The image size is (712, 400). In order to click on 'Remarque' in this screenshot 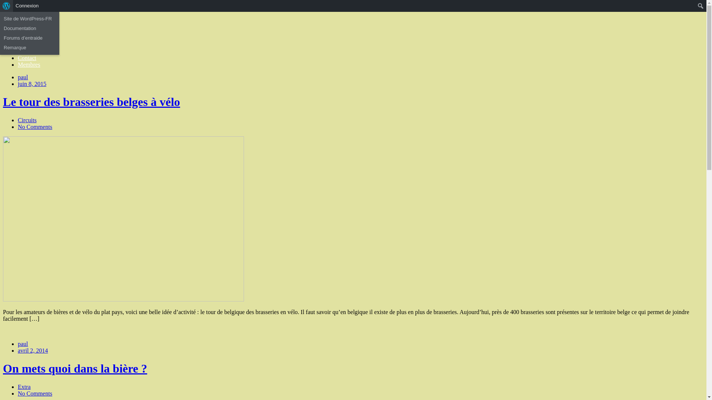, I will do `click(0, 47)`.